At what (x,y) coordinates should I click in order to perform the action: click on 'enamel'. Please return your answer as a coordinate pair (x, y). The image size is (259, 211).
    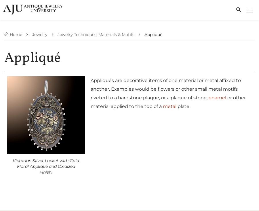
    Looking at the image, I should click on (217, 97).